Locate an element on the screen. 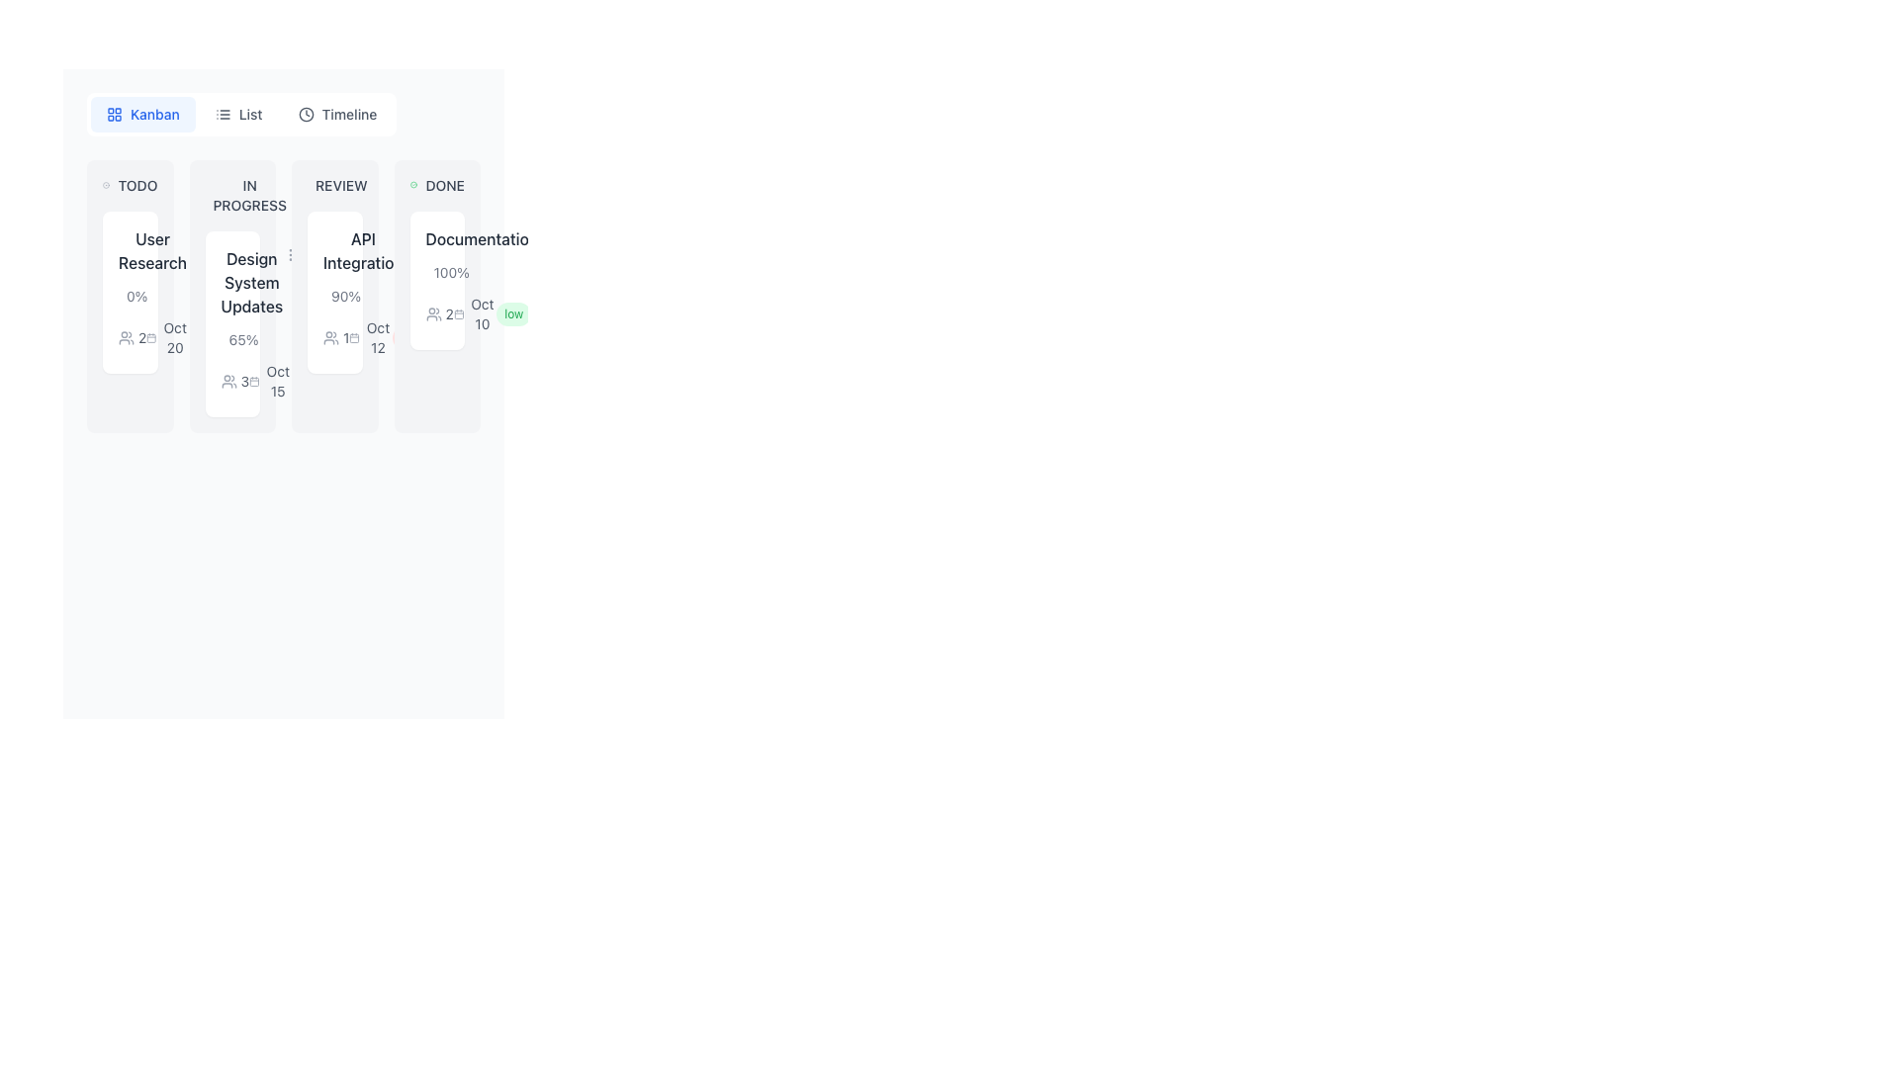 The height and width of the screenshot is (1068, 1899). the Progress indicator text displaying '0%' which is located within the 'TODO' column for task management, above the date 'Oct 20' is located at coordinates (129, 297).